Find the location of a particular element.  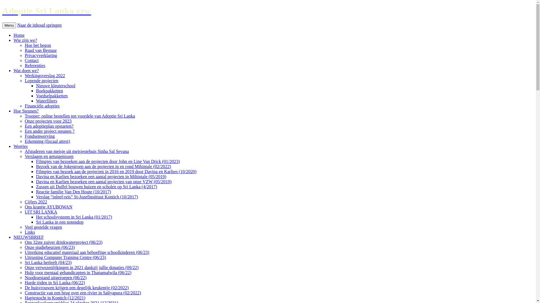

'Raad van Bestuur' is located at coordinates (40, 50).